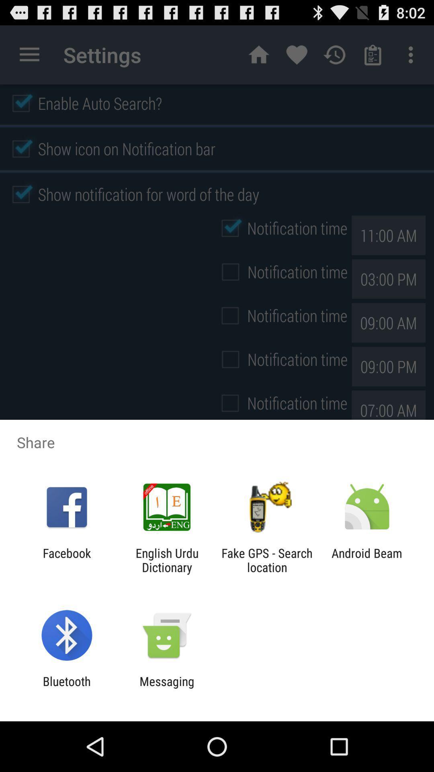 The image size is (434, 772). What do you see at coordinates (166, 560) in the screenshot?
I see `the app to the right of facebook icon` at bounding box center [166, 560].